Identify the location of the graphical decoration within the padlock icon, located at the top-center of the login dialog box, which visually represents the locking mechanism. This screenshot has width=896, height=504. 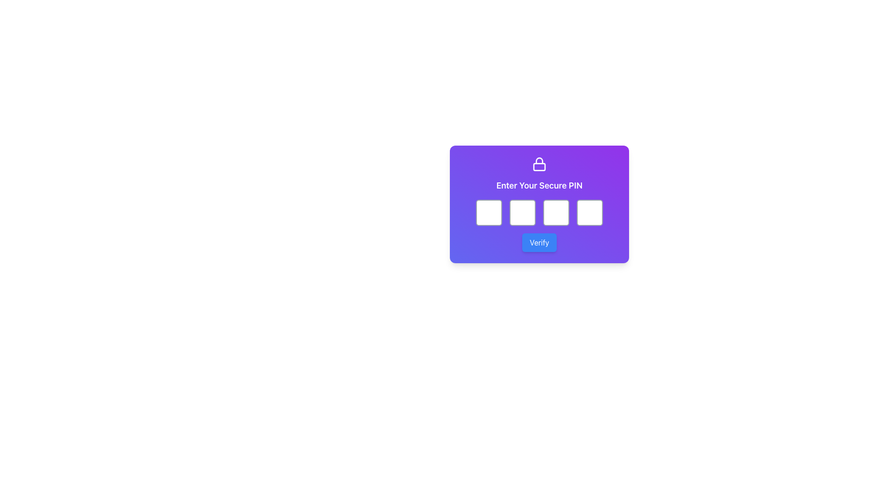
(539, 167).